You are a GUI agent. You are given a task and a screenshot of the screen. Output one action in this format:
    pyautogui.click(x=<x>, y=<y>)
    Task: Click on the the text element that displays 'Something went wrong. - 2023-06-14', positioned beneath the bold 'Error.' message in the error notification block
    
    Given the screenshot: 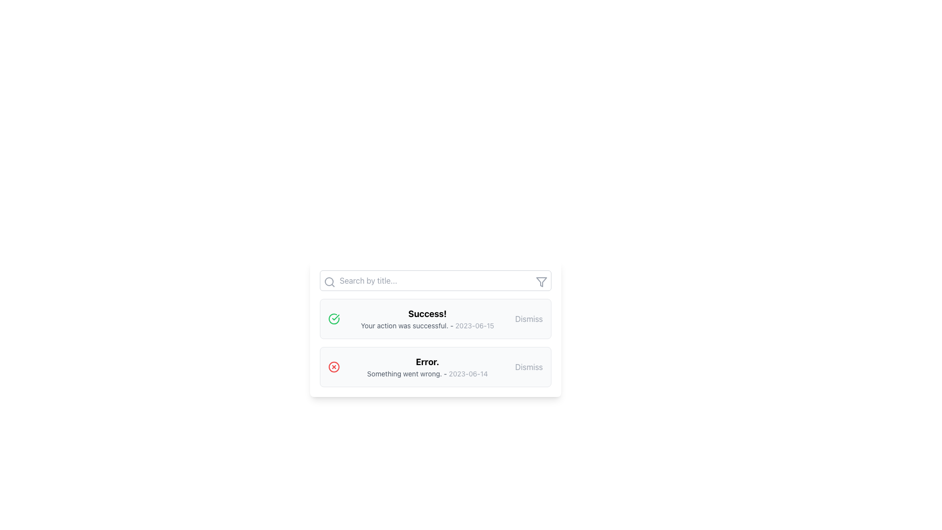 What is the action you would take?
    pyautogui.click(x=427, y=374)
    